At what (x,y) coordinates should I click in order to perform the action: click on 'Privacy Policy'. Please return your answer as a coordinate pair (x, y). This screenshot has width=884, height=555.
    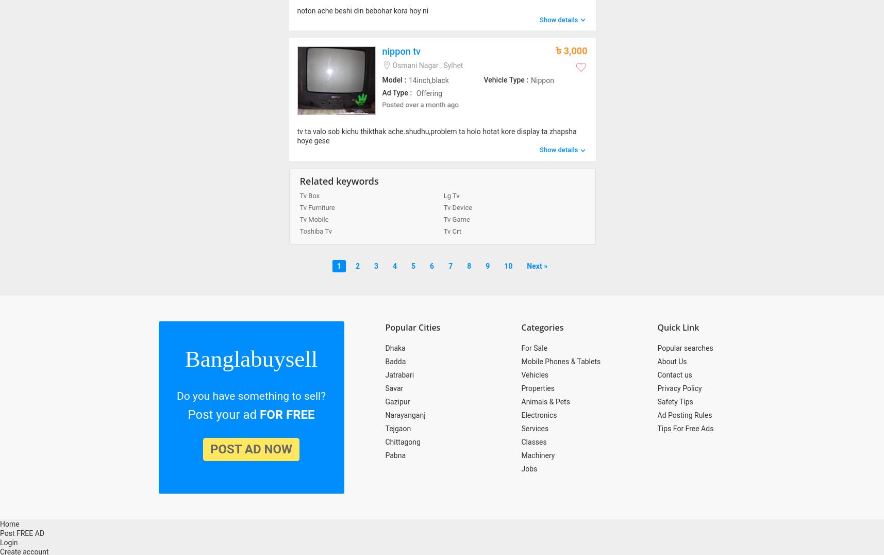
    Looking at the image, I should click on (678, 387).